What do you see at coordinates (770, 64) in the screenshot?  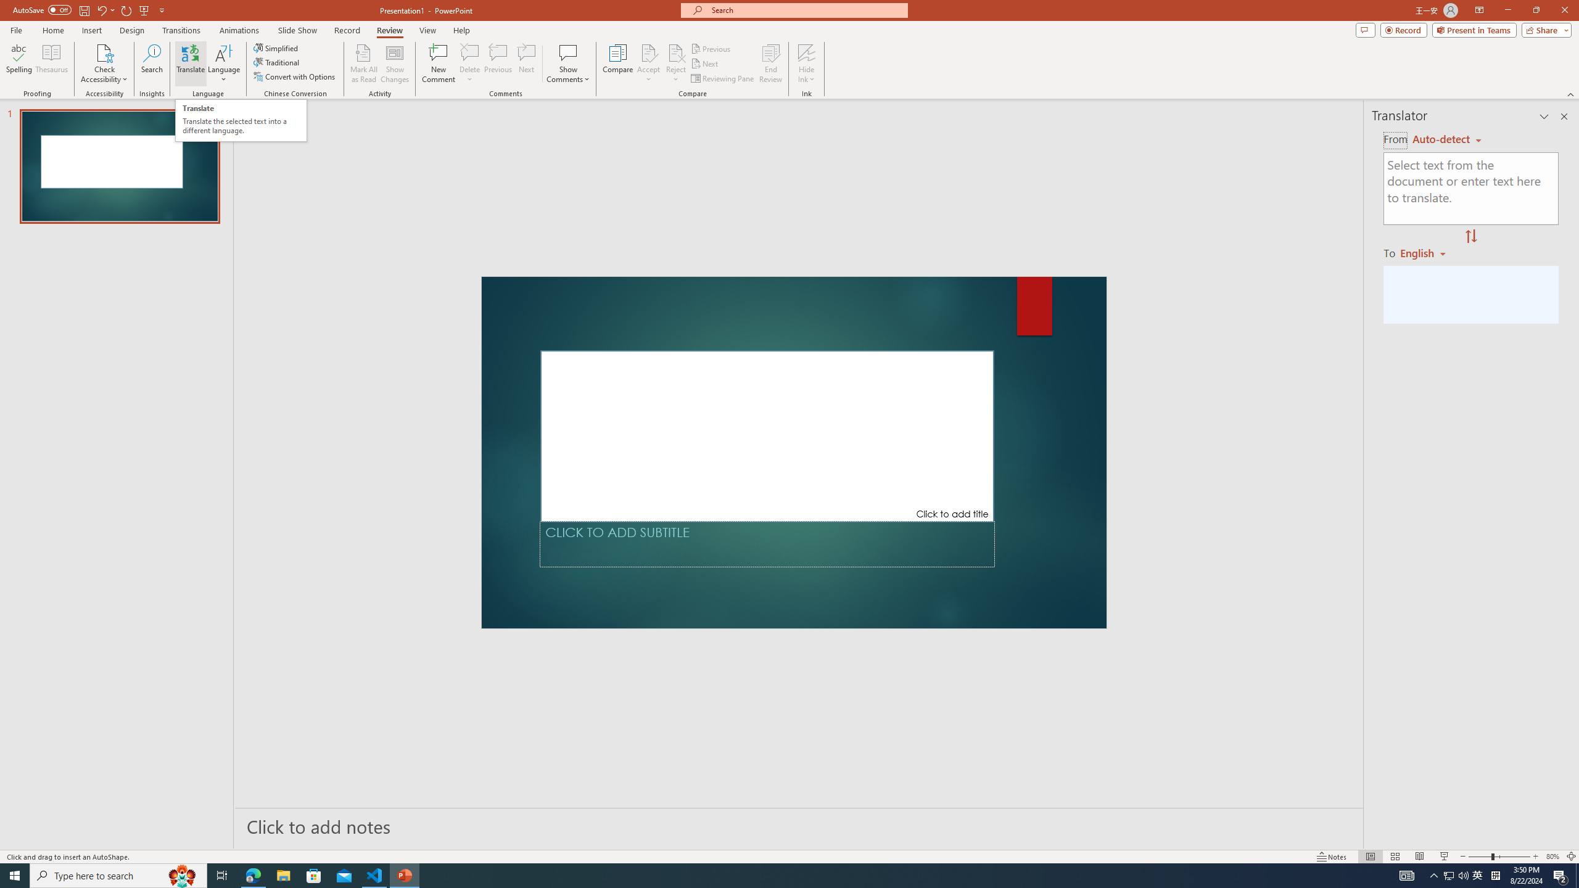 I see `'End Review'` at bounding box center [770, 64].